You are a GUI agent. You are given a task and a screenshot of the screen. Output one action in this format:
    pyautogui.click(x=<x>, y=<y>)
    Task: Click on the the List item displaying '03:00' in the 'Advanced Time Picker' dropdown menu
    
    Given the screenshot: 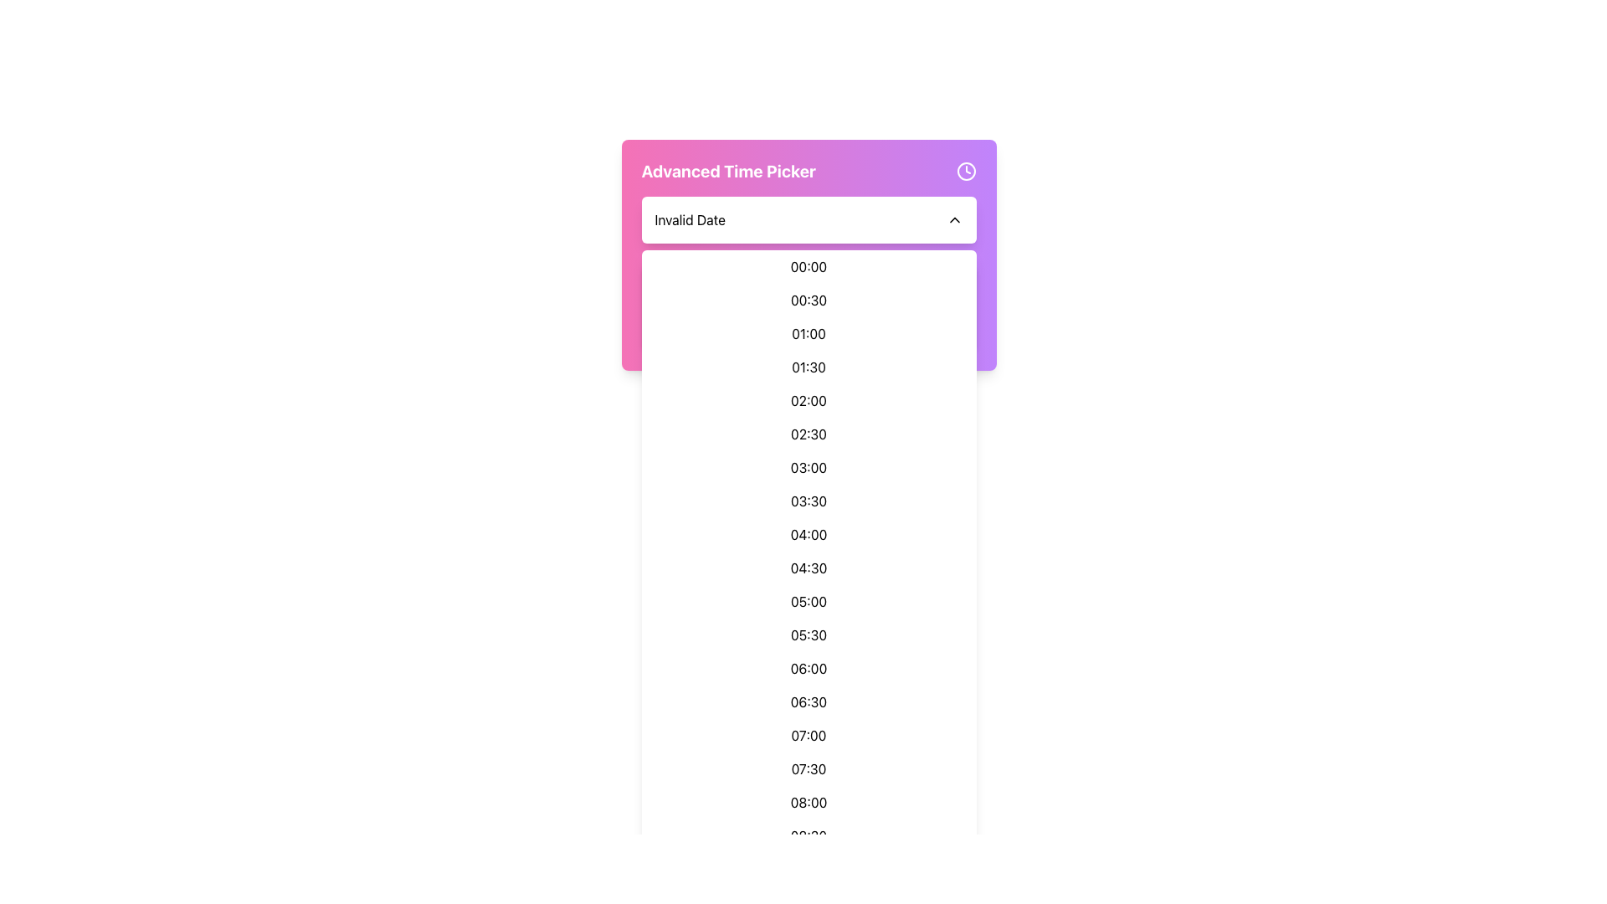 What is the action you would take?
    pyautogui.click(x=809, y=468)
    